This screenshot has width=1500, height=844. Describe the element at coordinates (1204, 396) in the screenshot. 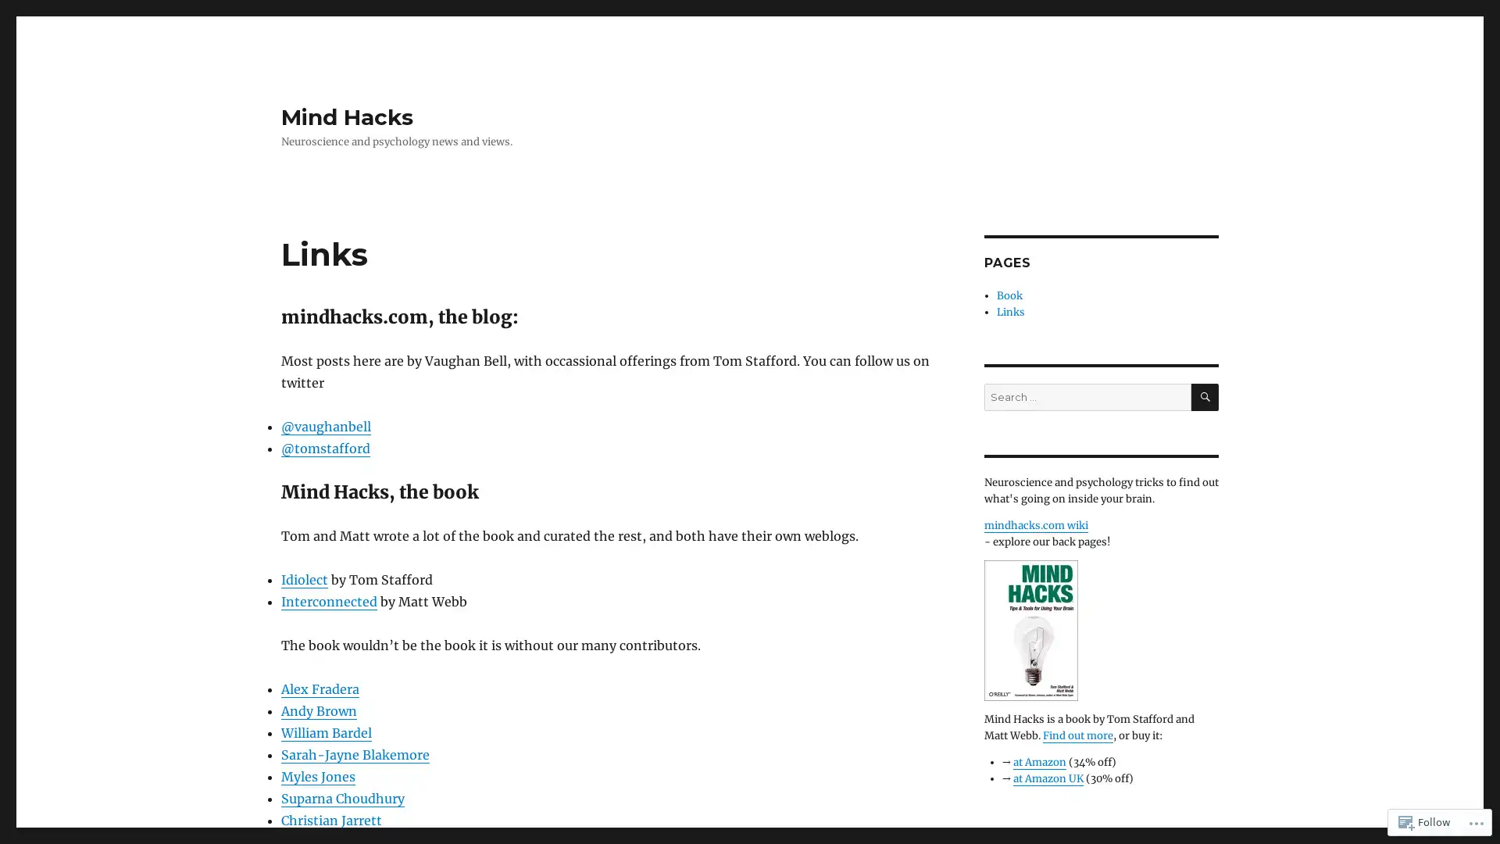

I see `SEARCH` at that location.